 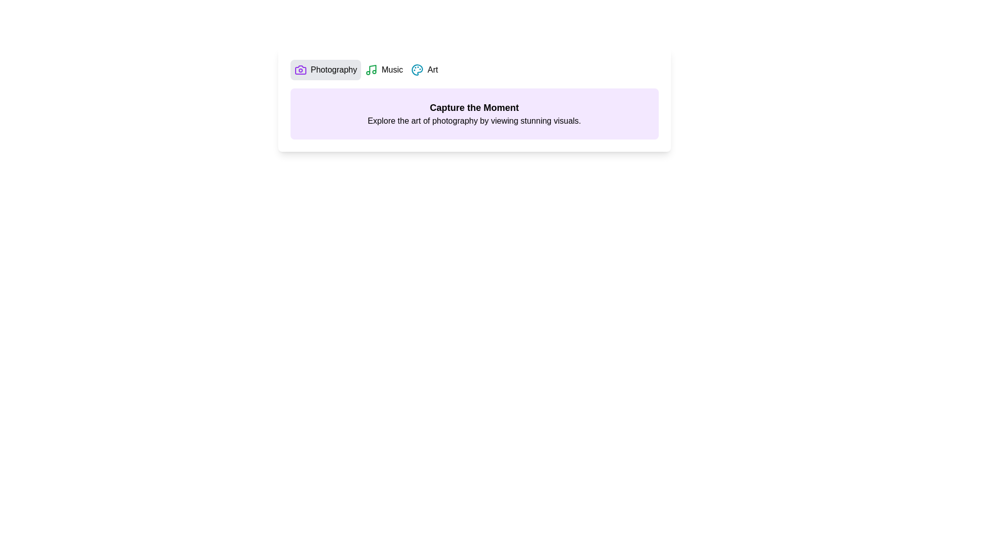 I want to click on the icon next to the tab Art to inspect its functionality, so click(x=417, y=70).